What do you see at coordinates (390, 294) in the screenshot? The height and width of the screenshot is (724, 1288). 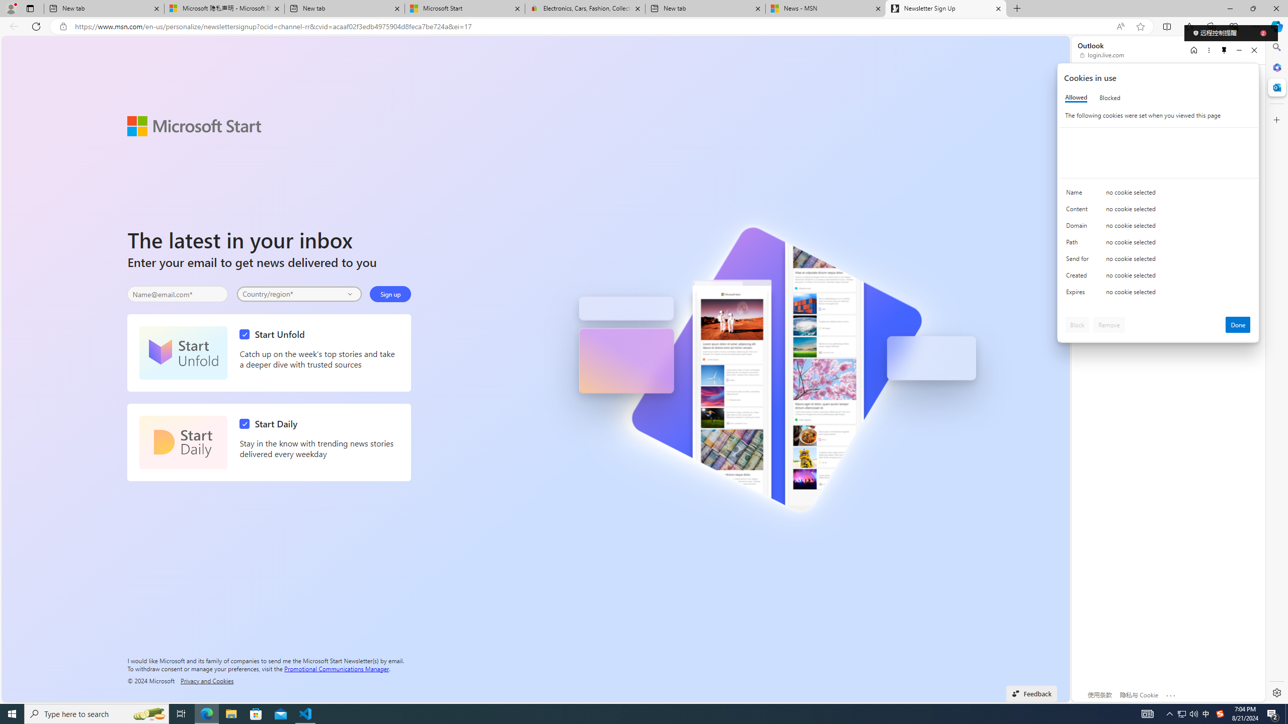 I see `'Sign up'` at bounding box center [390, 294].